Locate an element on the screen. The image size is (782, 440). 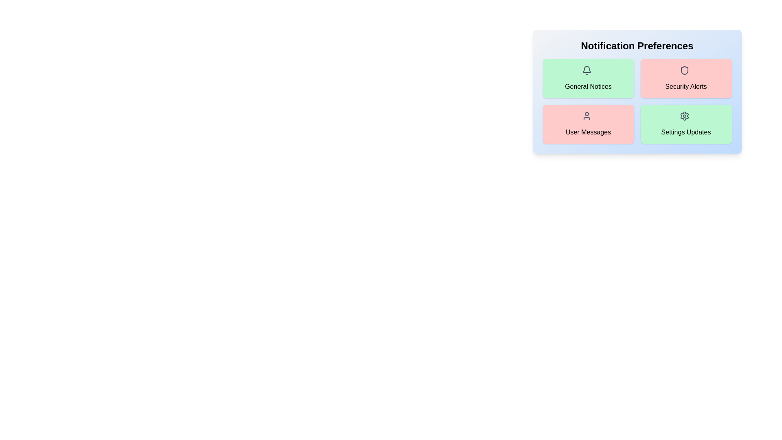
the notification box for User Messages is located at coordinates (588, 124).